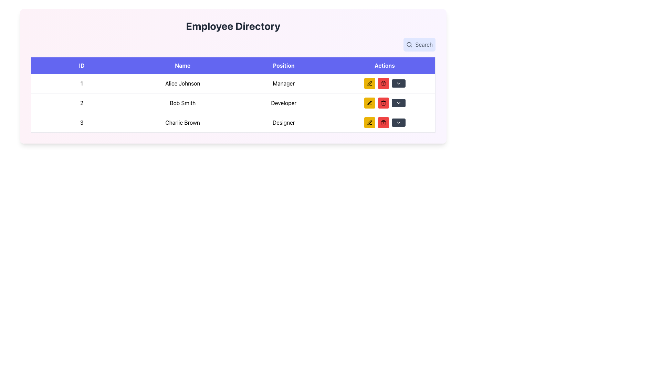 The width and height of the screenshot is (661, 371). What do you see at coordinates (398, 122) in the screenshot?
I see `the dark gray rectangular button with rounded corners and a white downward-pointing chevron icon located` at bounding box center [398, 122].